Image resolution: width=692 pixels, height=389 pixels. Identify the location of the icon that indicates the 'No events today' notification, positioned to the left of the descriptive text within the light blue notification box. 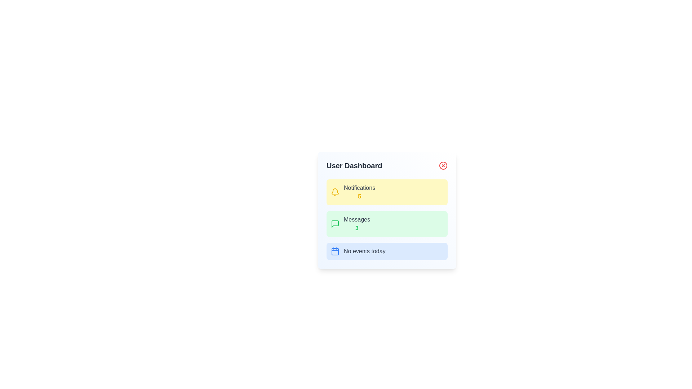
(335, 251).